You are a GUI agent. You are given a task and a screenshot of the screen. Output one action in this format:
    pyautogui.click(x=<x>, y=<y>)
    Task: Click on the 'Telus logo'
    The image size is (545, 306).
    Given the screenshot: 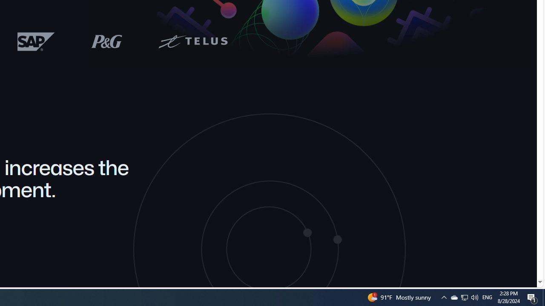 What is the action you would take?
    pyautogui.click(x=192, y=41)
    